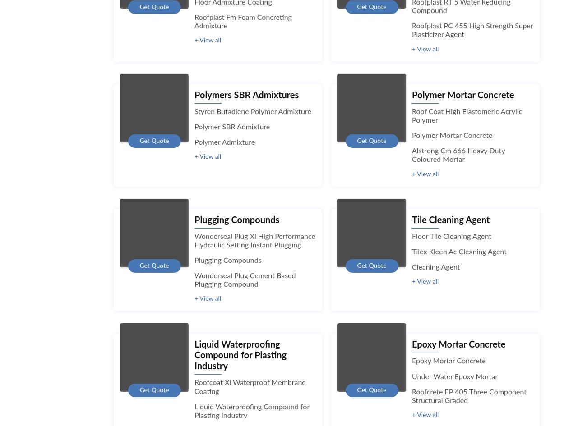 This screenshot has width=564, height=426. Describe the element at coordinates (194, 387) in the screenshot. I see `'Roofcoat Xl Waterproof Membrane Coating'` at that location.